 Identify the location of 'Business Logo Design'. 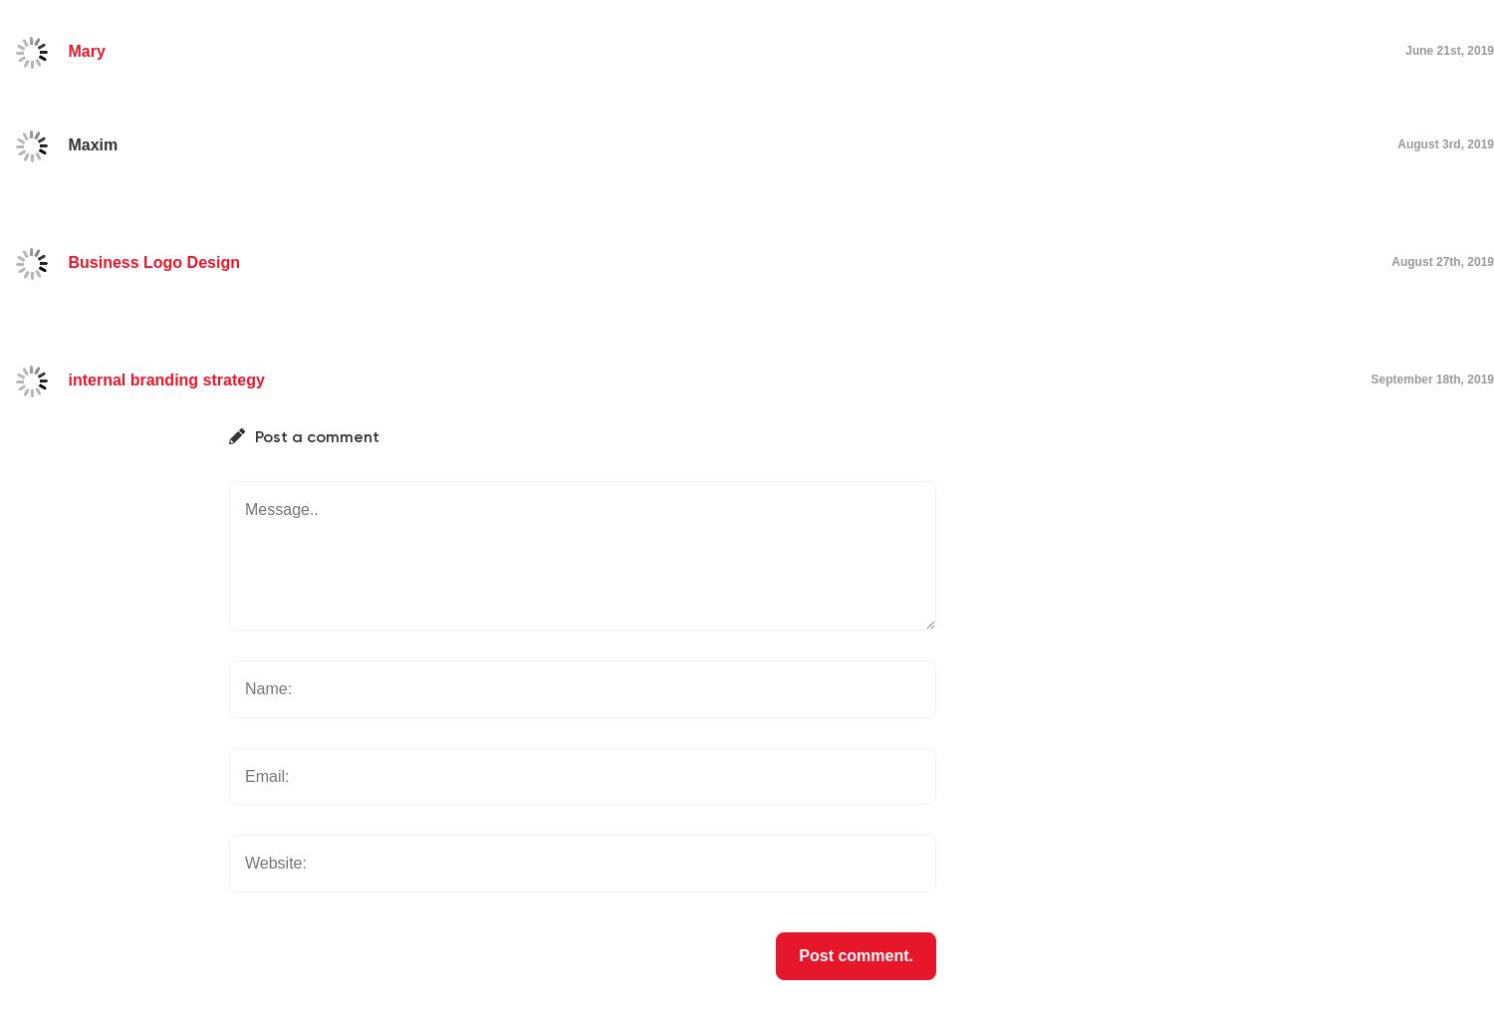
(153, 262).